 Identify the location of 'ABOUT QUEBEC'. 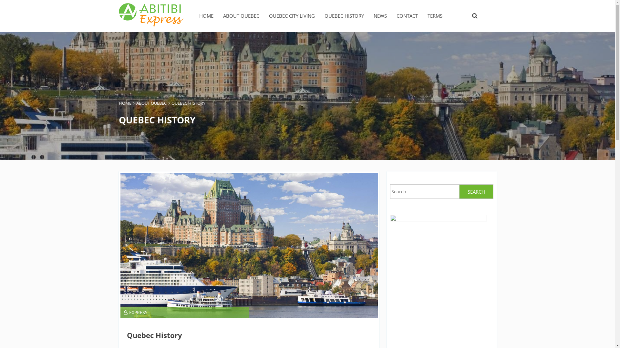
(240, 15).